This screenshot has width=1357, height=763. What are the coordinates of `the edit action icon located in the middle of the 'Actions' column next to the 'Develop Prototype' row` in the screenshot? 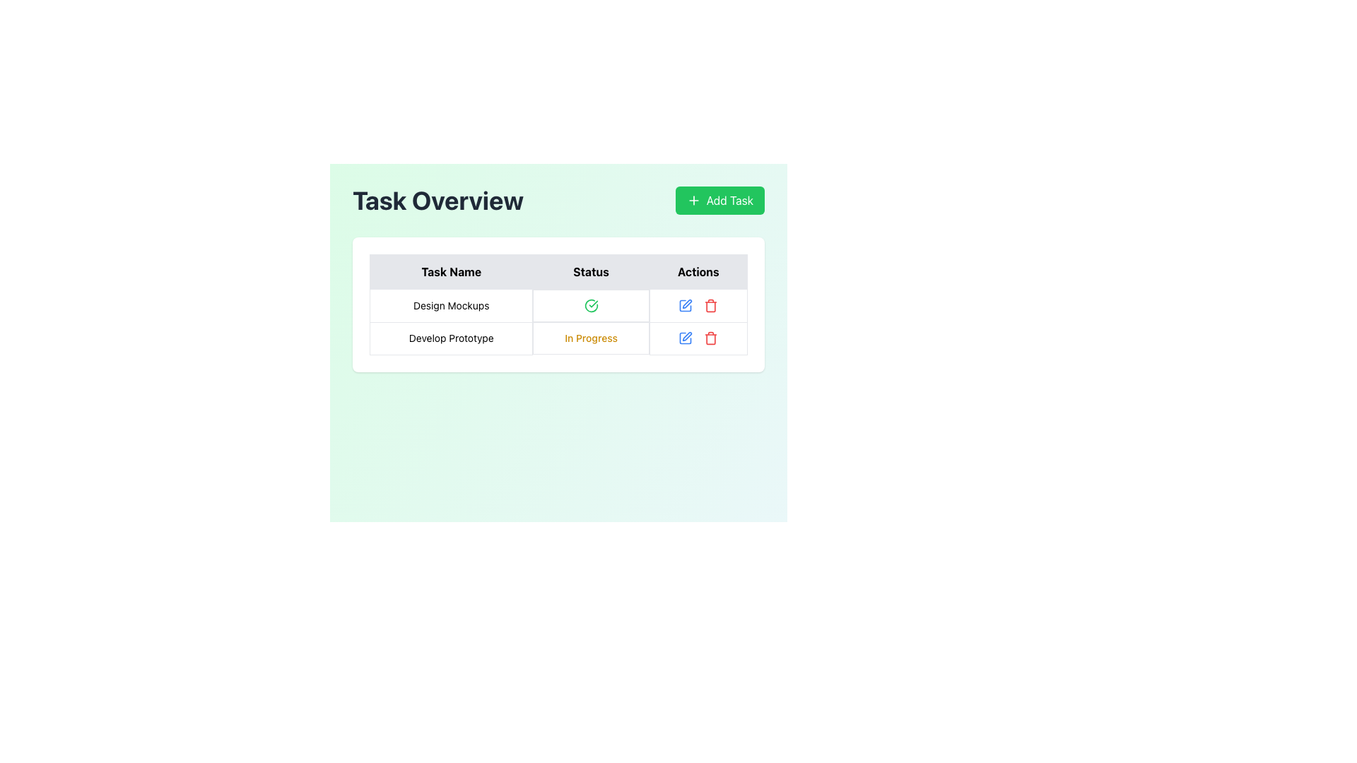 It's located at (687, 336).